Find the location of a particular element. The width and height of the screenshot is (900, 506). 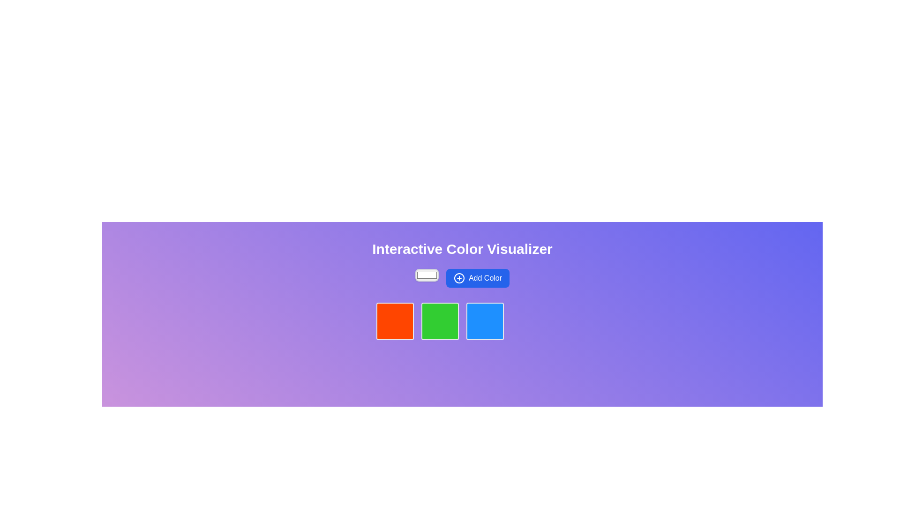

the text label displaying 'Interactive Color Visualizer' which is centrally located at the top of the colored gradient background is located at coordinates (462, 249).